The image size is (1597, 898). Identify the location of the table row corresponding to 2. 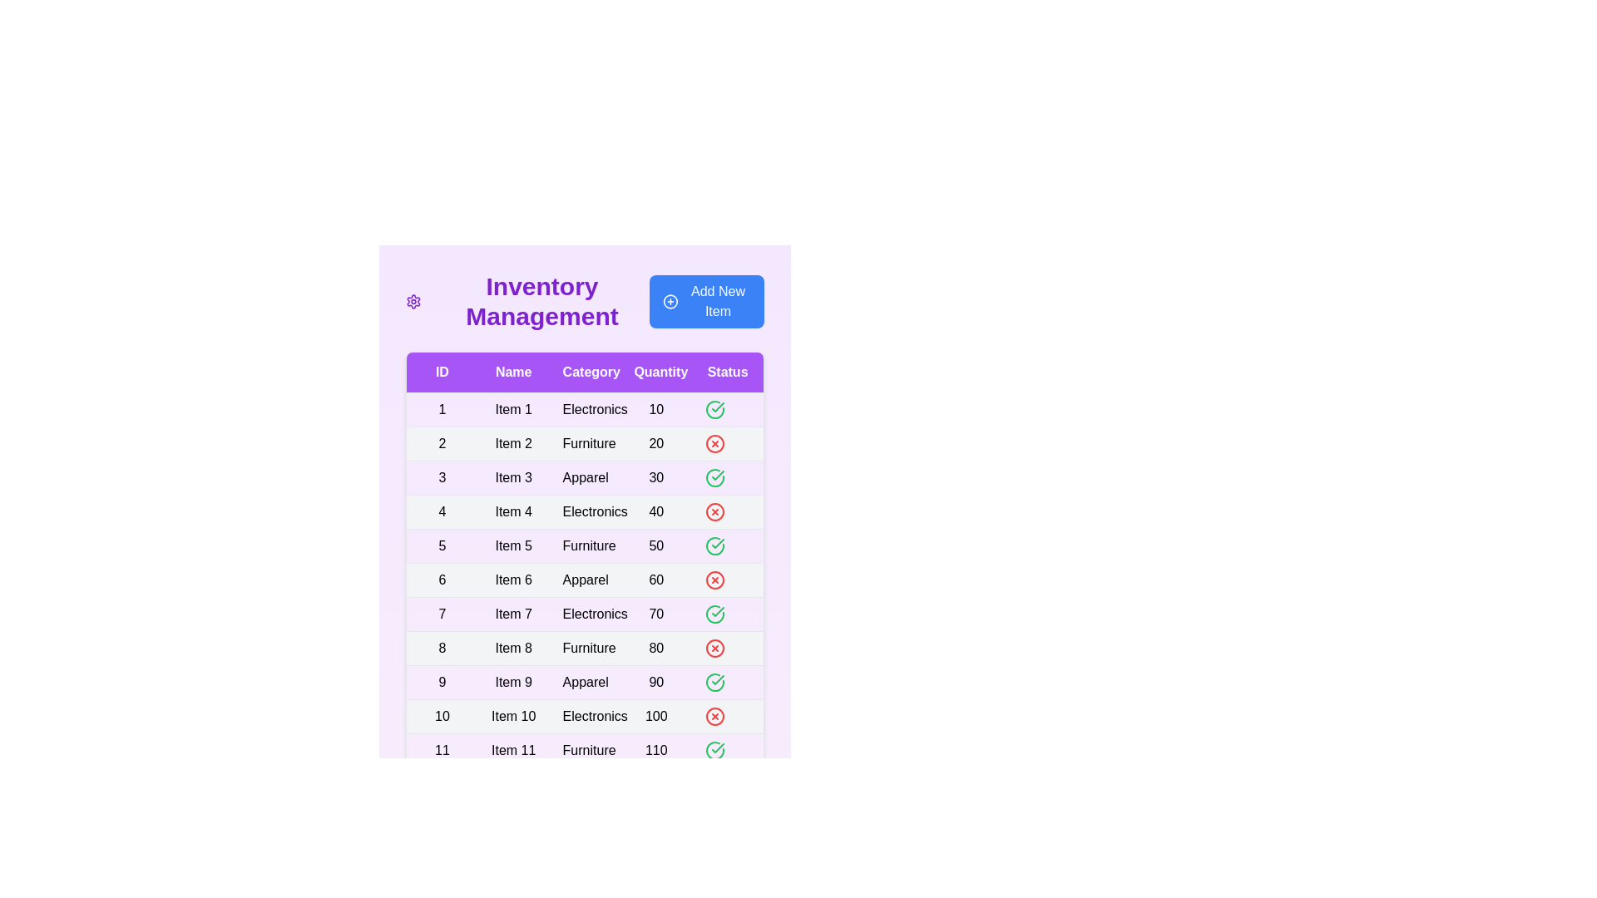
(585, 442).